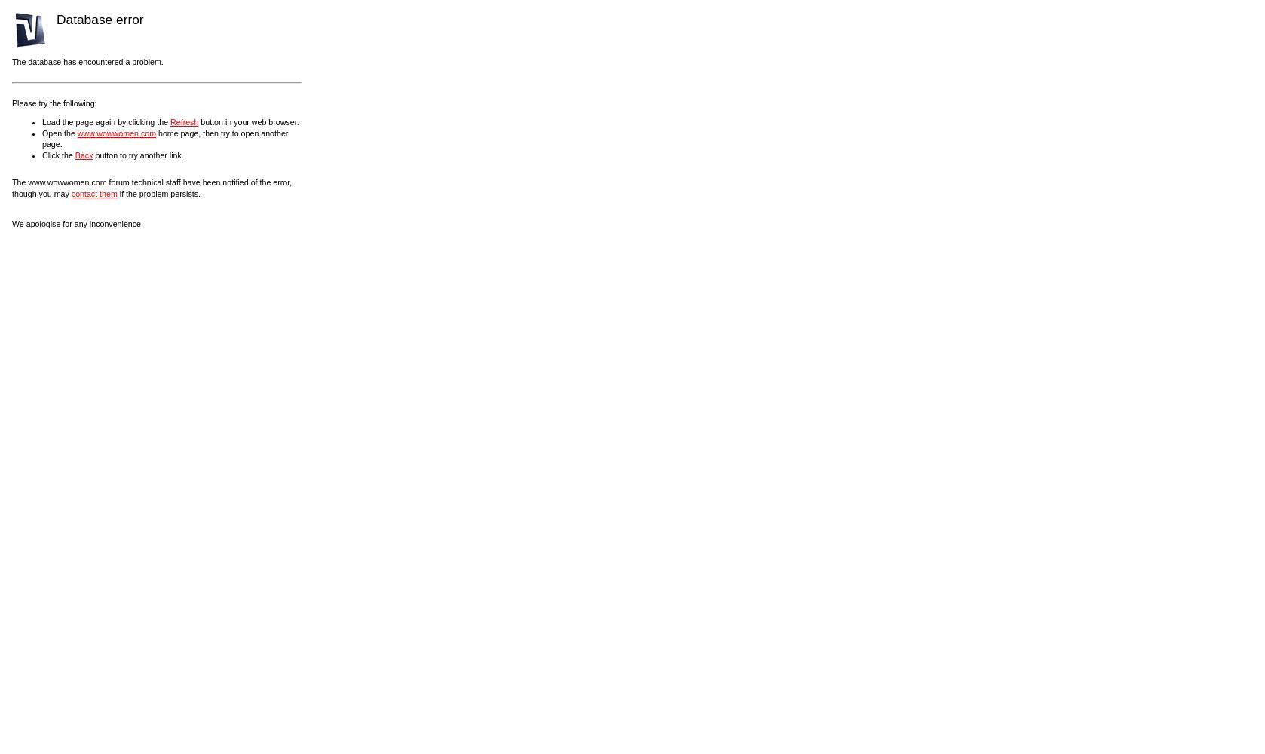 The height and width of the screenshot is (754, 1265). Describe the element at coordinates (92, 154) in the screenshot. I see `'button to try another link.'` at that location.